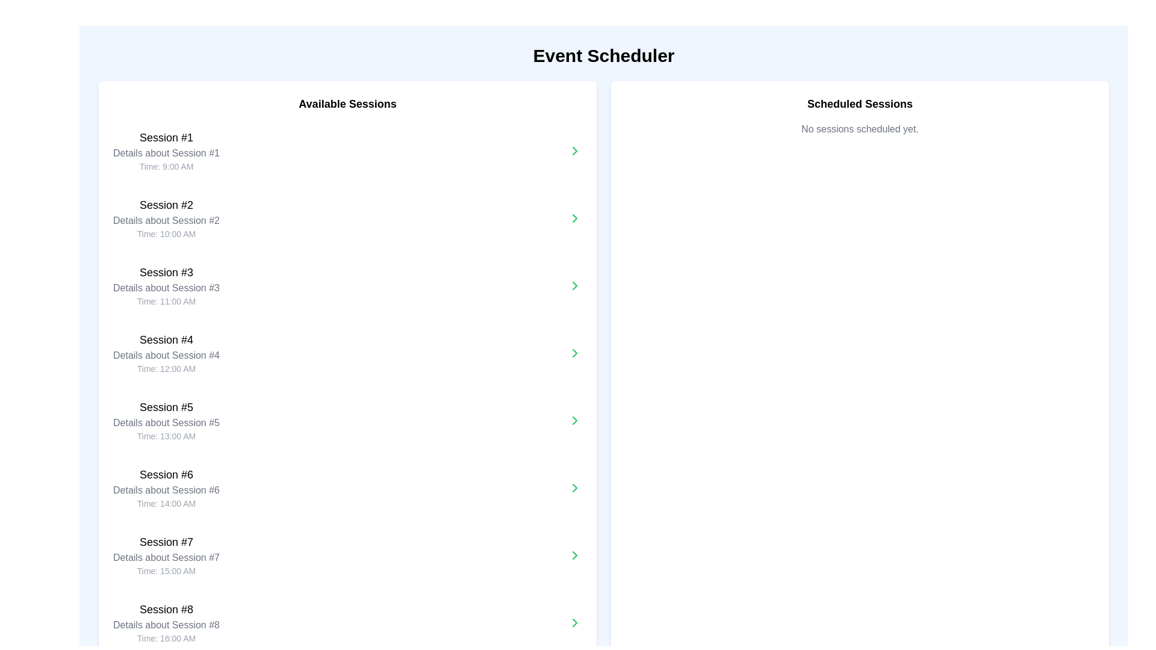 The height and width of the screenshot is (650, 1156). I want to click on the Icon Button located to the far right of the fourth session's information block in the 'Available Sessions' list, so click(574, 352).